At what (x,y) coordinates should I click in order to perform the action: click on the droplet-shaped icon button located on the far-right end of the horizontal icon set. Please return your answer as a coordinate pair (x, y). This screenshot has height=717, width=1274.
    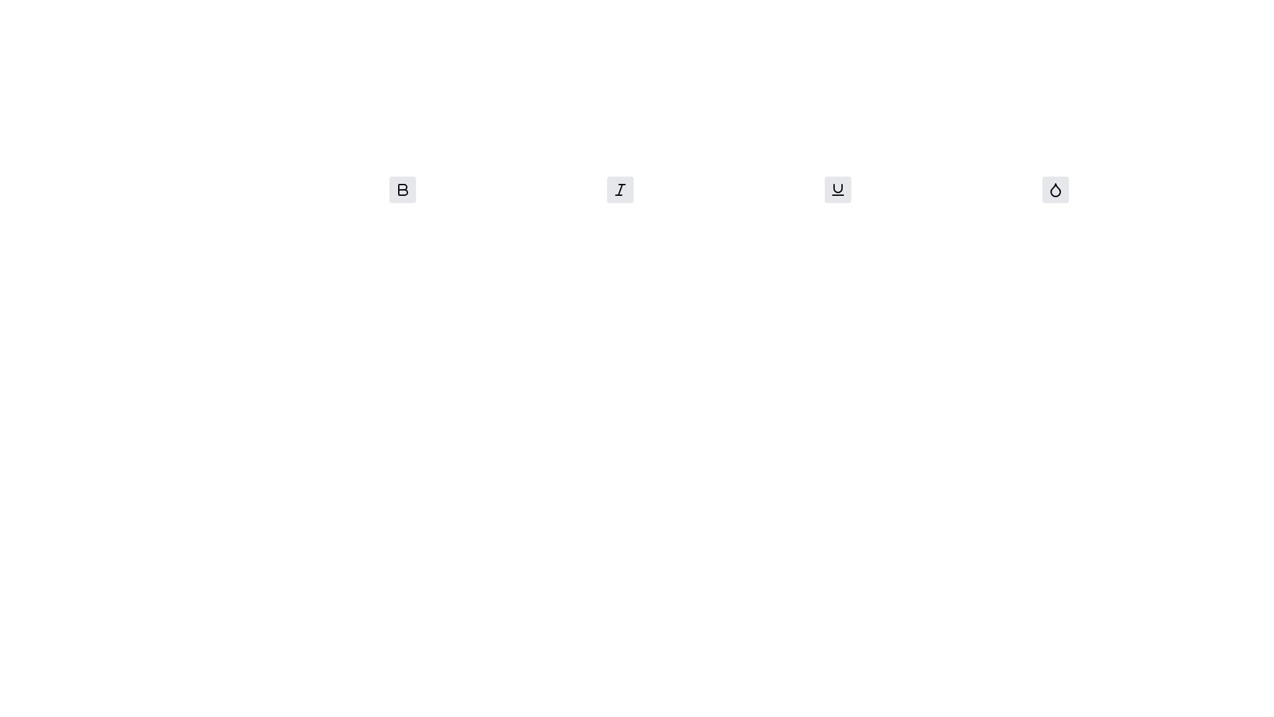
    Looking at the image, I should click on (1054, 189).